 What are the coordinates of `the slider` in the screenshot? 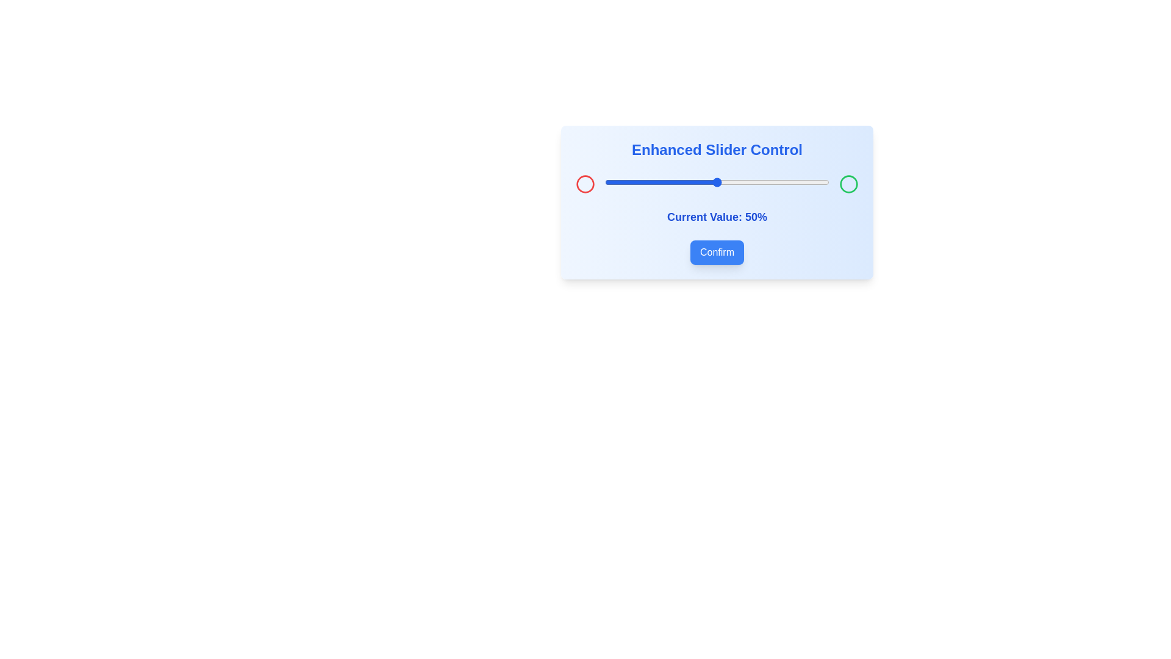 It's located at (645, 182).